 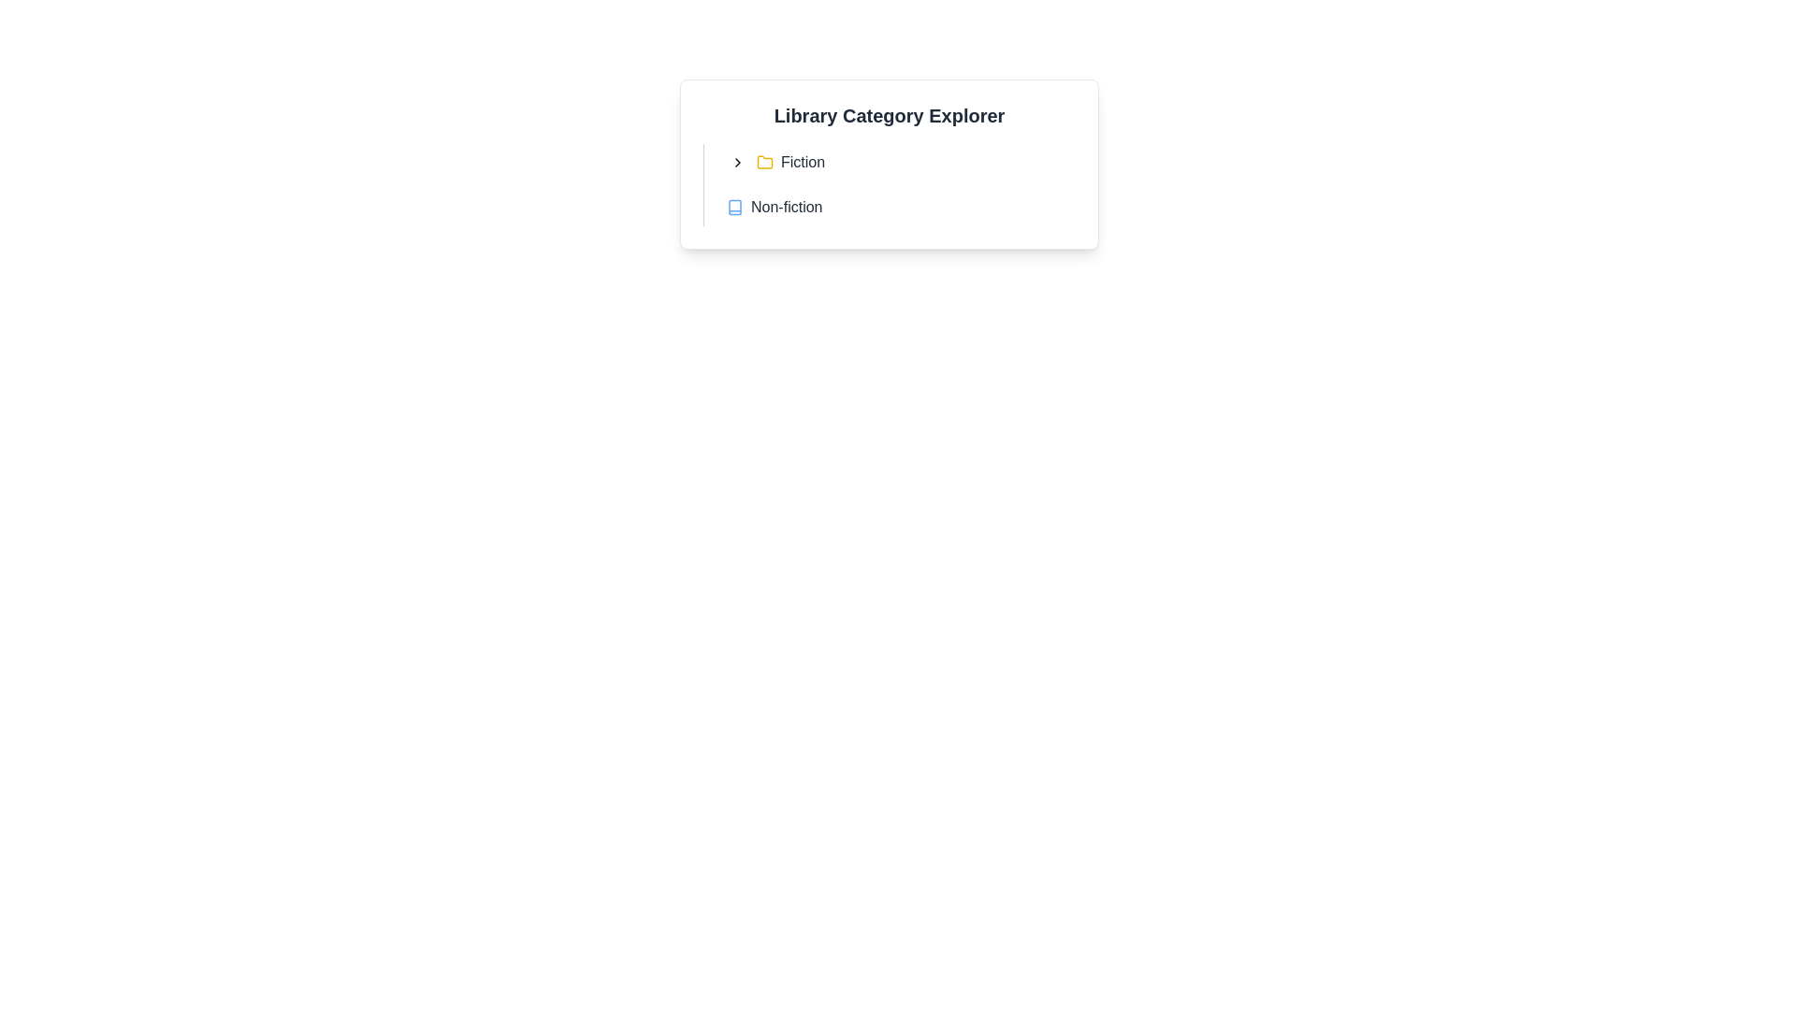 I want to click on the yellow folder icon adjacent to the text labeled 'Fiction' in the 'Library Category Explorer', so click(x=764, y=161).